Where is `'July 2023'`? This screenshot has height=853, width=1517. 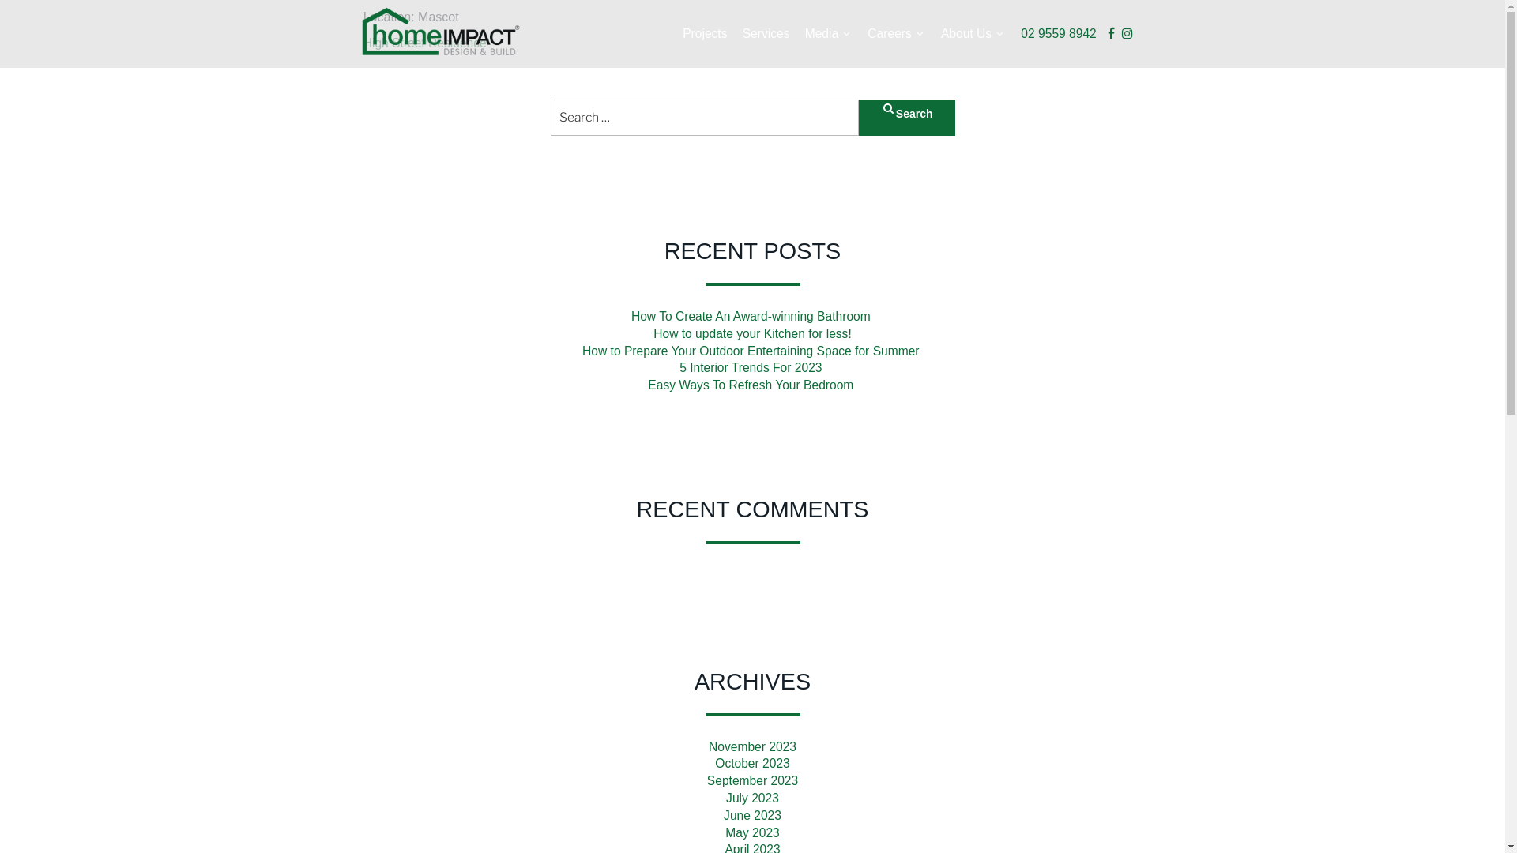 'July 2023' is located at coordinates (751, 798).